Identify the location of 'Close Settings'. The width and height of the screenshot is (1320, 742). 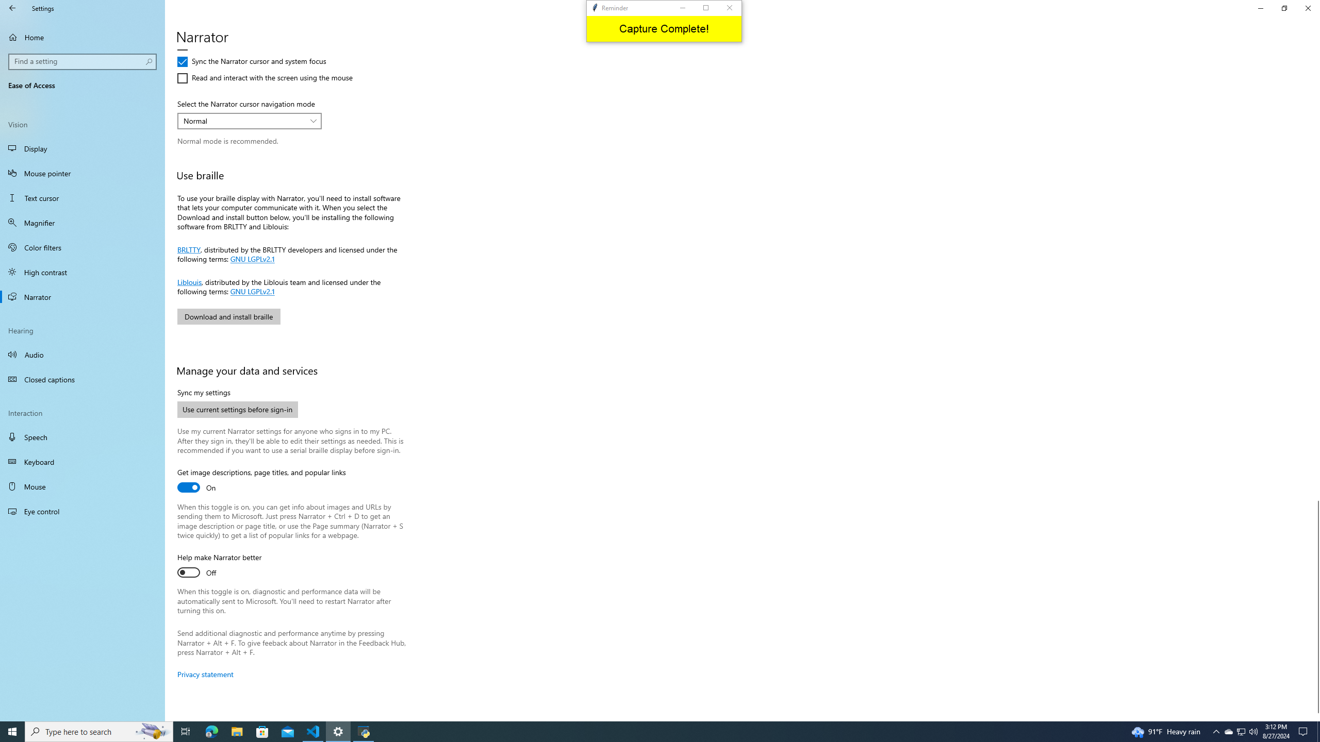
(1307, 8).